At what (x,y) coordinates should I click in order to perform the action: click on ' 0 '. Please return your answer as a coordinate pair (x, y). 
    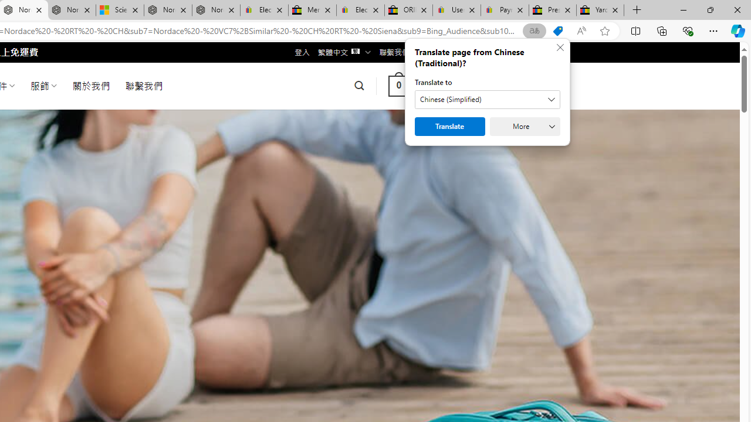
    Looking at the image, I should click on (398, 85).